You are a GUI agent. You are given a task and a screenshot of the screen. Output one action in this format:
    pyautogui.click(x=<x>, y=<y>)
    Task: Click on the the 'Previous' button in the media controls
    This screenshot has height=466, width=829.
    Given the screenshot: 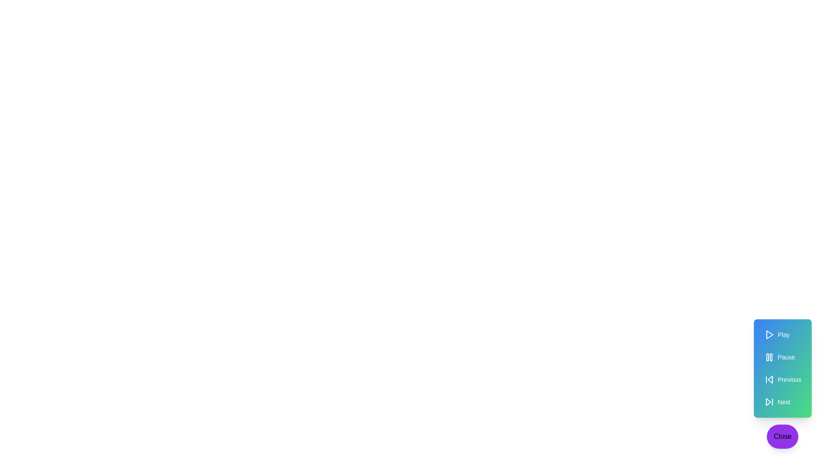 What is the action you would take?
    pyautogui.click(x=782, y=379)
    